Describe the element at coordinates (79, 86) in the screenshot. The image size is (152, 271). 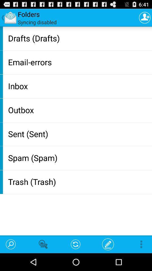
I see `the item below email-errors app` at that location.